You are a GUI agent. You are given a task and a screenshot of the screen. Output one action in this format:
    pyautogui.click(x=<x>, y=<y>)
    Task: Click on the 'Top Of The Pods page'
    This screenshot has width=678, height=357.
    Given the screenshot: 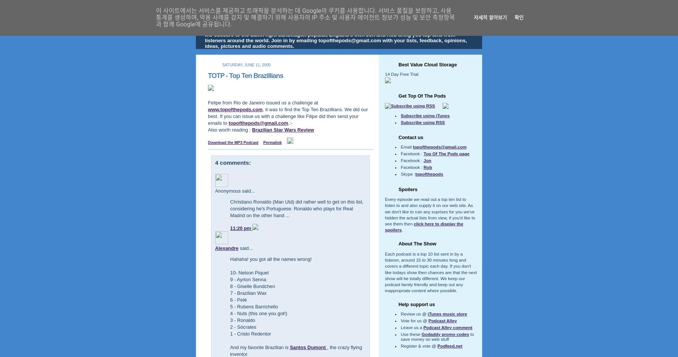 What is the action you would take?
    pyautogui.click(x=446, y=153)
    